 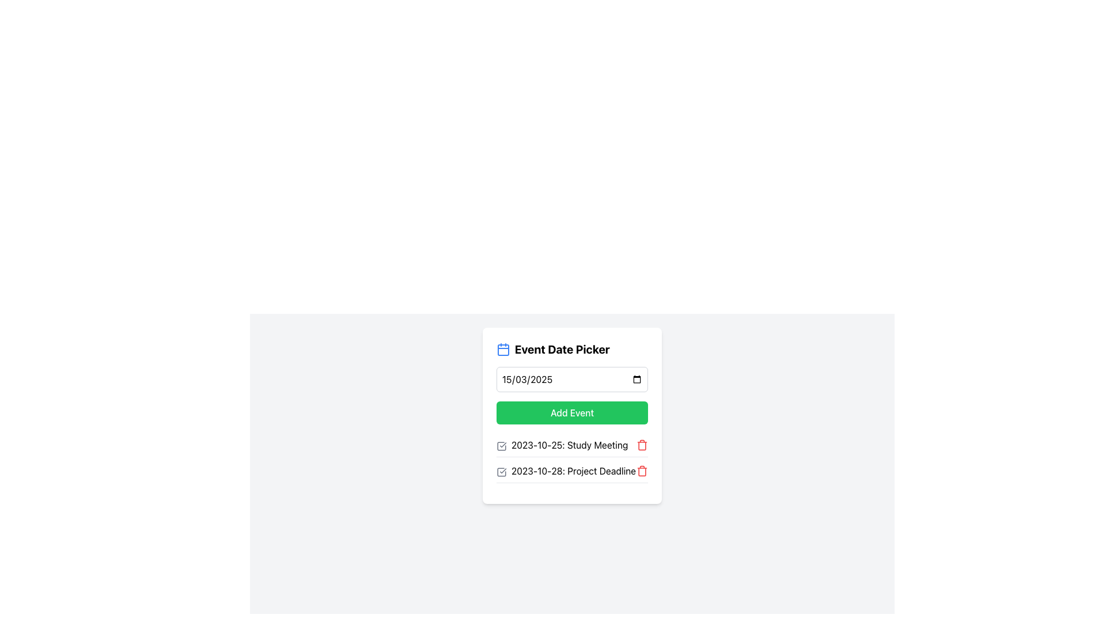 I want to click on the checkbox next to the list item labeled '2023-10-28: Project Deadline' to mark or unmark the event, so click(x=572, y=473).